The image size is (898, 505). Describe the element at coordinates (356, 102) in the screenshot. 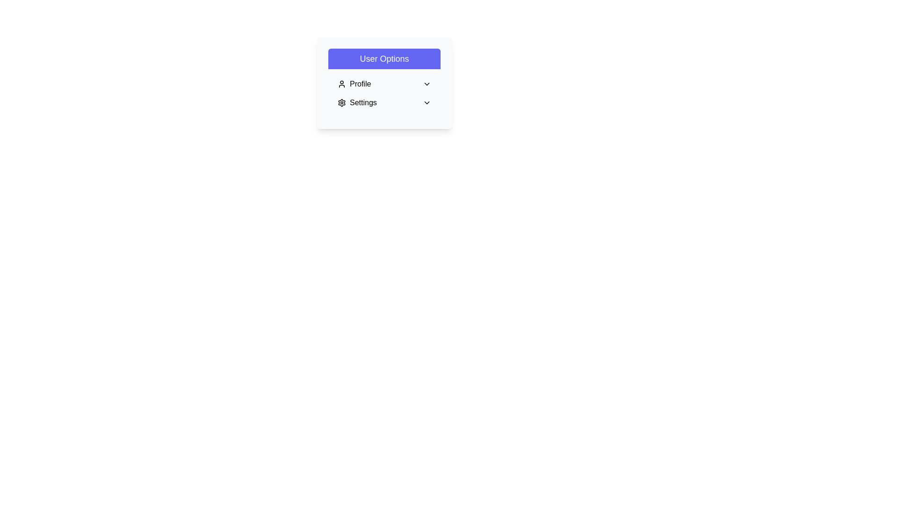

I see `the 'Settings' menu item, which is a combination of a gear icon and the text 'Settings', located in the 'User Options' menu beneath 'Profile'` at that location.